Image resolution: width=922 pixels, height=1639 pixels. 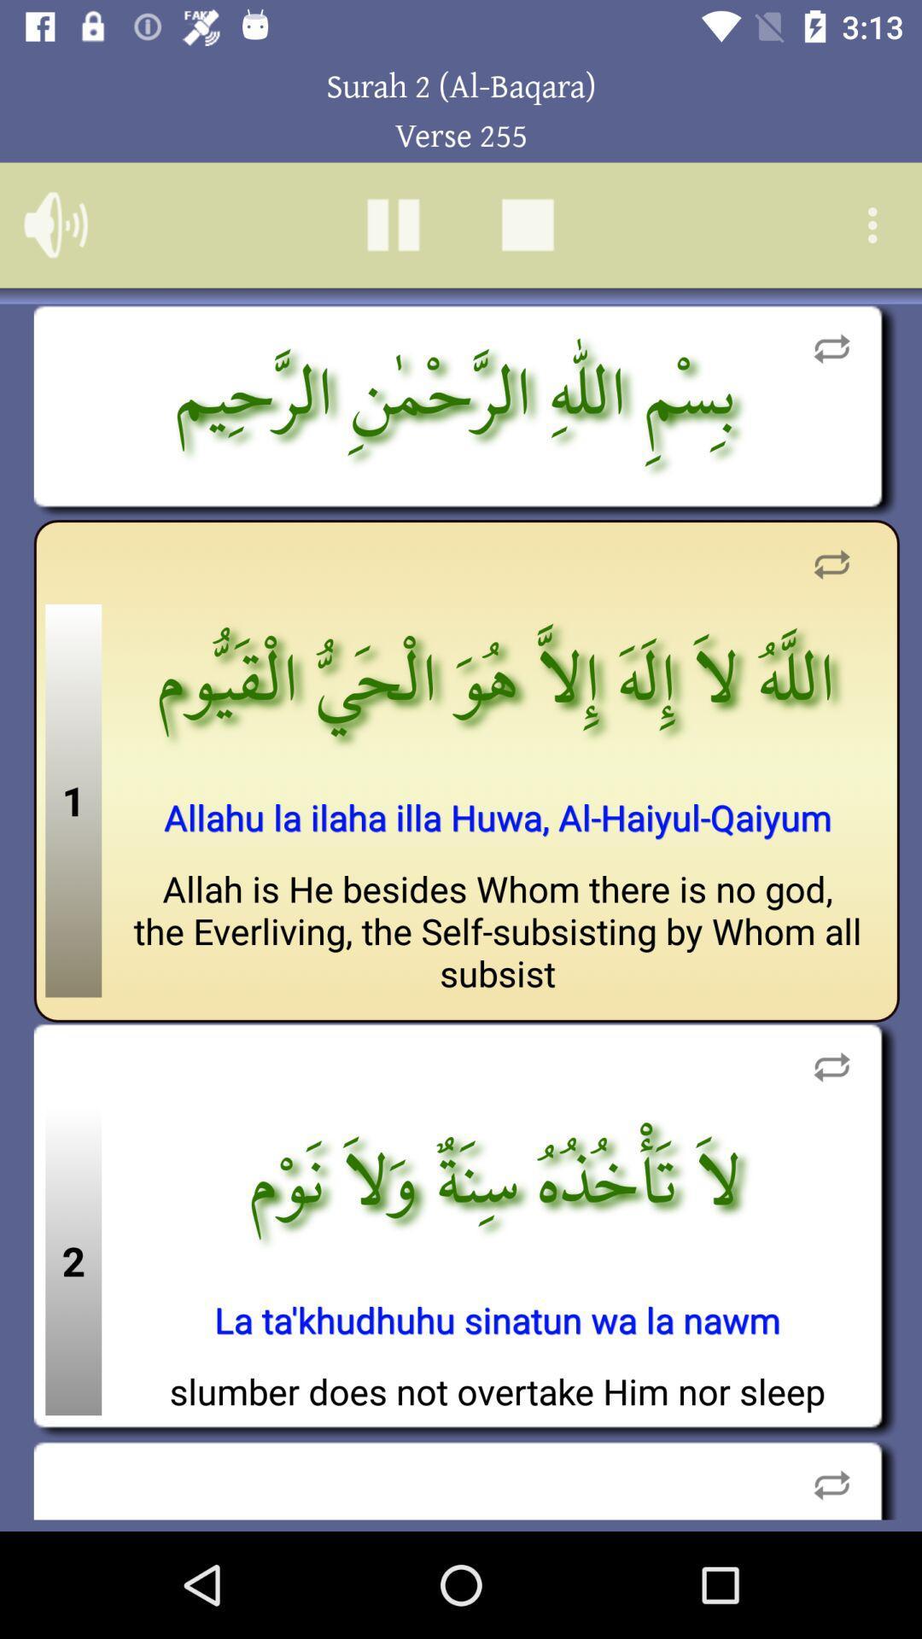 I want to click on replay button, so click(x=831, y=564).